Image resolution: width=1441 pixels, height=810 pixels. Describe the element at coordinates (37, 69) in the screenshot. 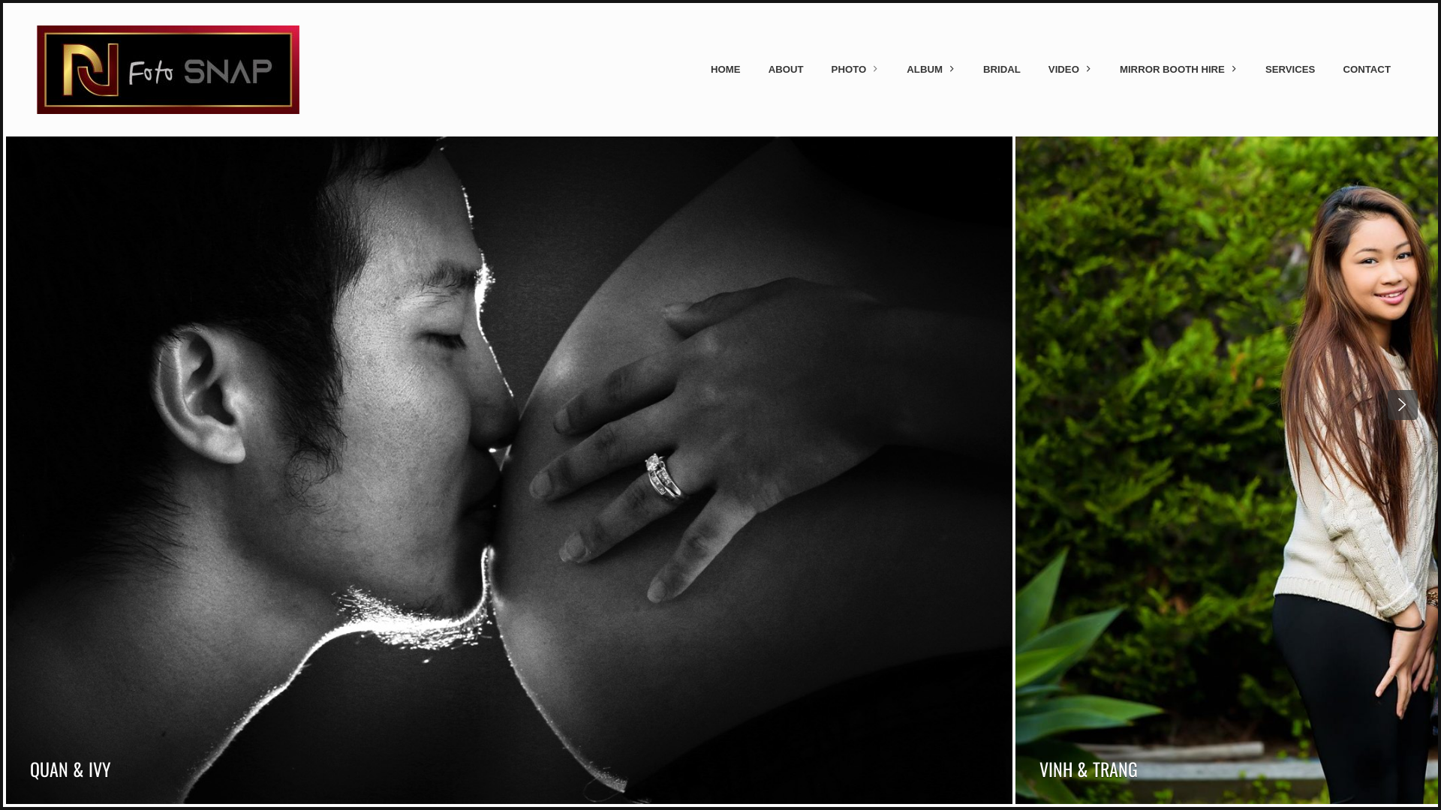

I see `'Skip to content'` at that location.